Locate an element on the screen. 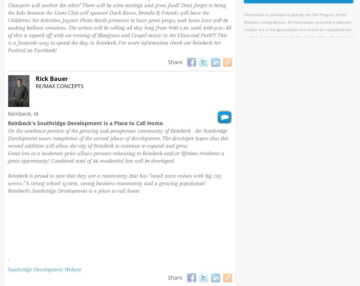 This screenshot has height=286, width=360. 'Reinbeck is proud to note that they are a community that has "small town values with big city access." A strong school system, strong business community and a growing population!' is located at coordinates (114, 179).